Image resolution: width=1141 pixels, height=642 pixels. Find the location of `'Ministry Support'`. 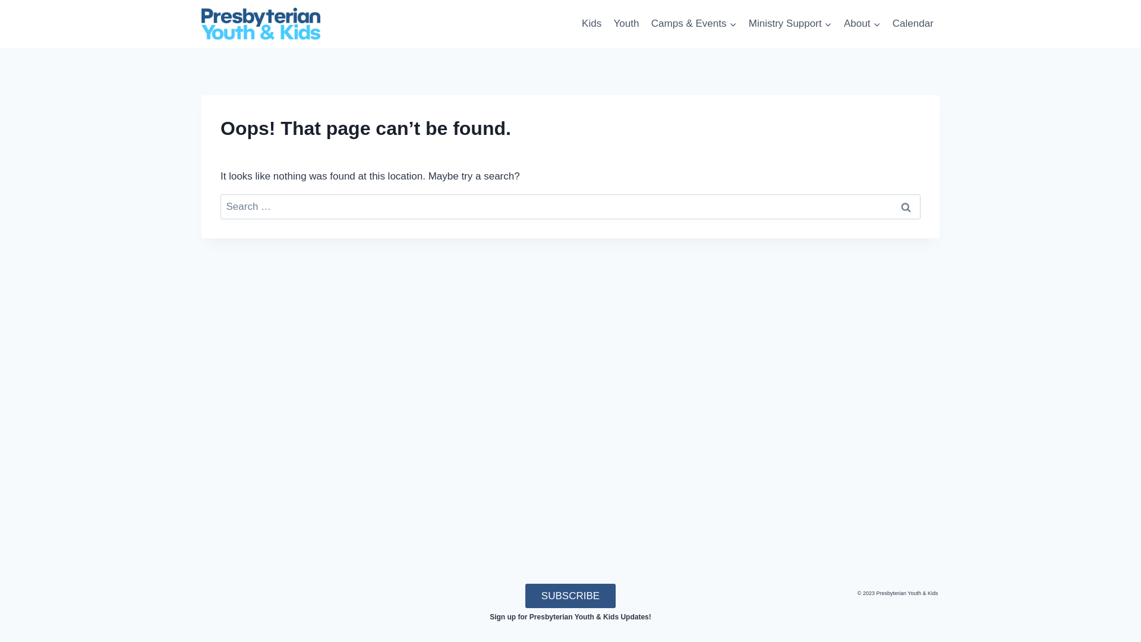

'Ministry Support' is located at coordinates (742, 23).